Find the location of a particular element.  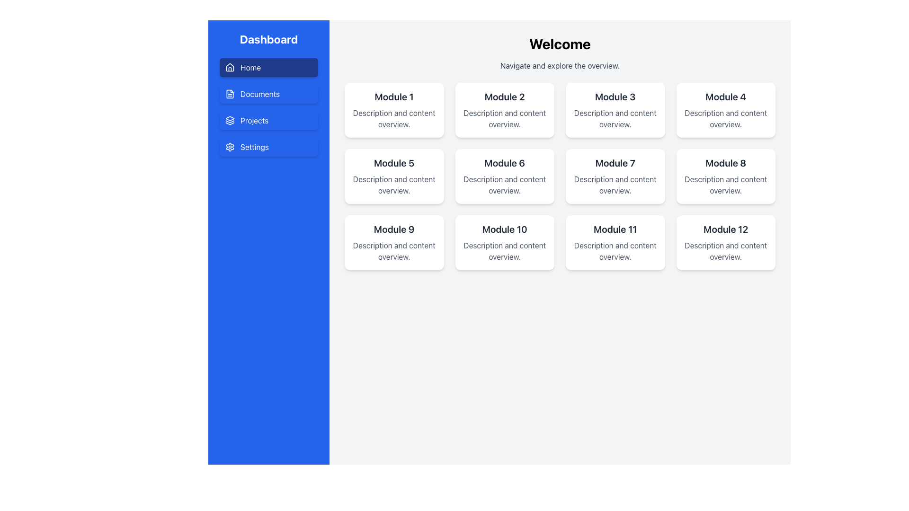

the Text label titled 'Module 1 Description and content overview', which serves as the title for a section in the main content area is located at coordinates (394, 97).